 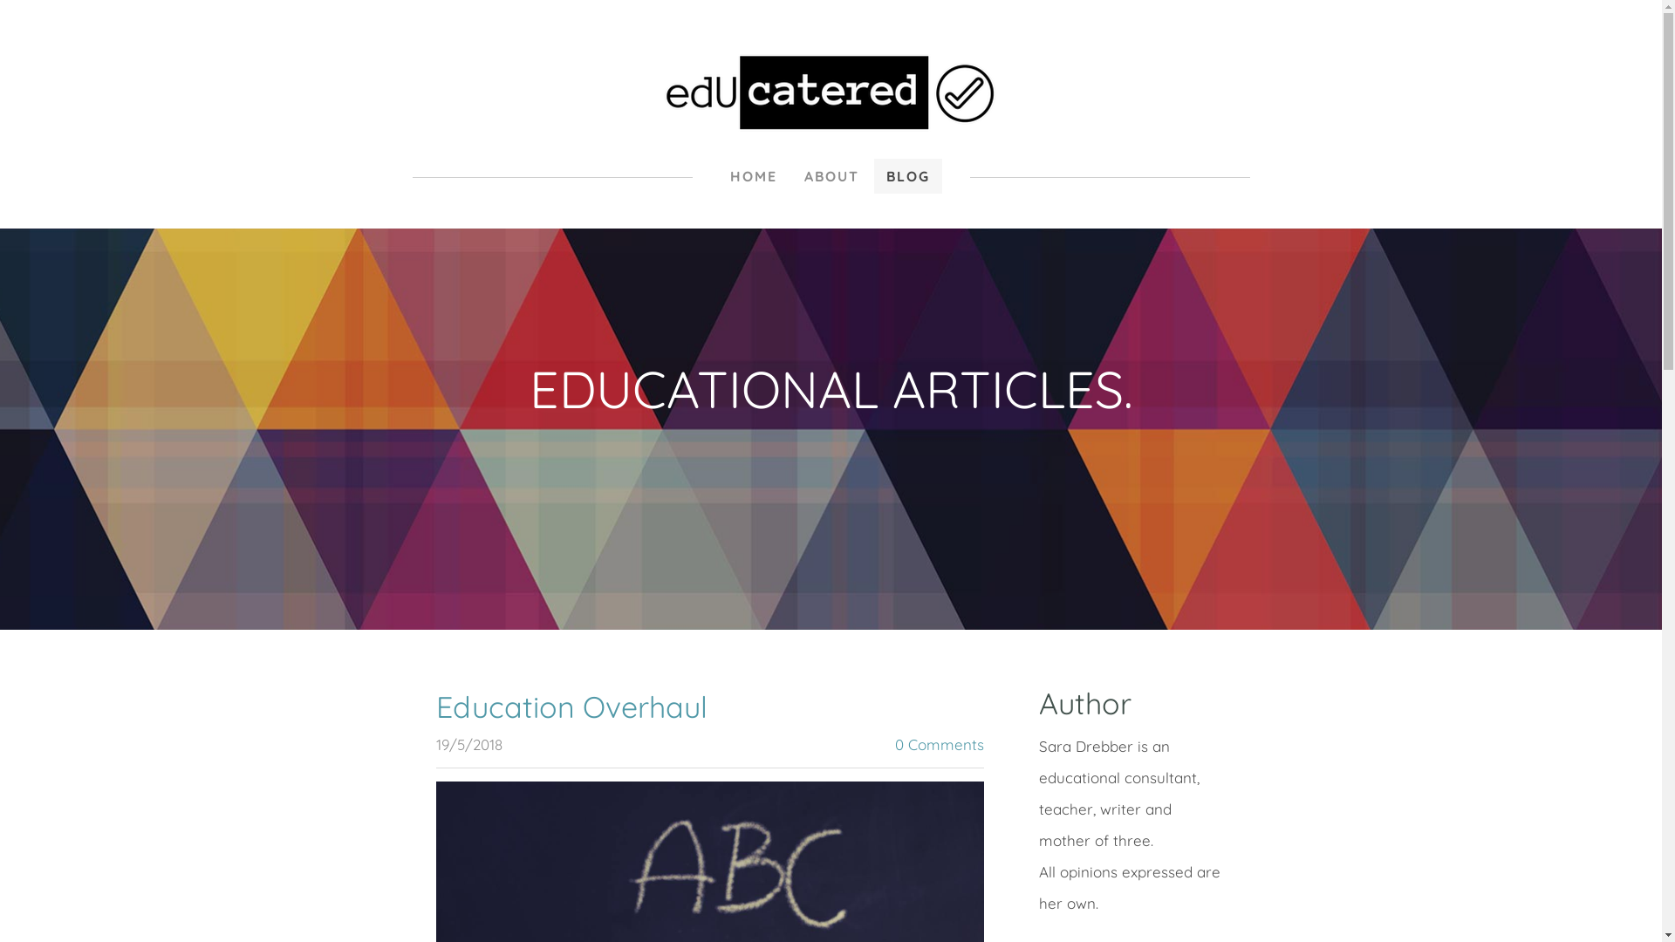 I want to click on 'BLOG', so click(x=907, y=175).